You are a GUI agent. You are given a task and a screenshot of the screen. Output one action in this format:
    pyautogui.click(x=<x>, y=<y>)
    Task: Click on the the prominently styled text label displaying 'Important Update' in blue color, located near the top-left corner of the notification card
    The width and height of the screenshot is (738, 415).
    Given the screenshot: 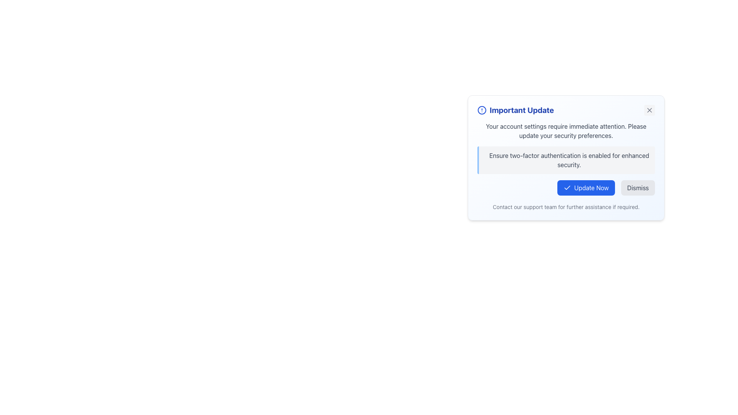 What is the action you would take?
    pyautogui.click(x=515, y=110)
    